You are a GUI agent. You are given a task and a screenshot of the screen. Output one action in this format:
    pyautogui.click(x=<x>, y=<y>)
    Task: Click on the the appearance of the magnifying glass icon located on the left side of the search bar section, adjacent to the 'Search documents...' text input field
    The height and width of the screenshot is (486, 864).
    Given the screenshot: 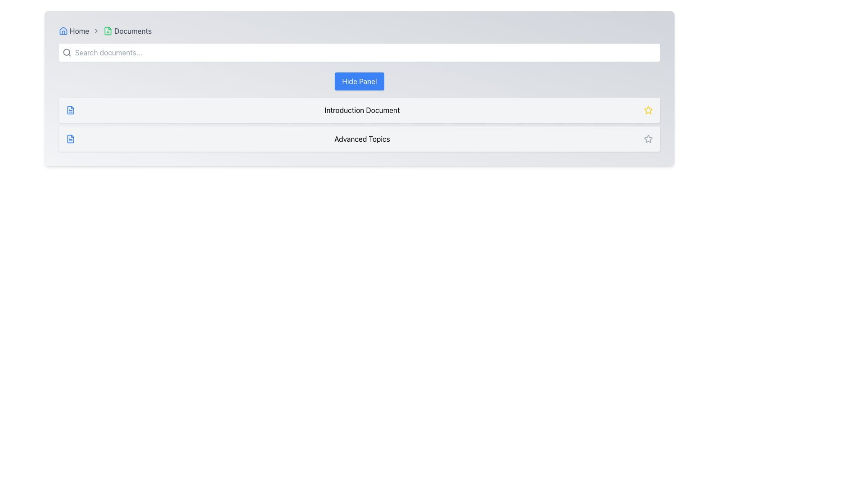 What is the action you would take?
    pyautogui.click(x=66, y=52)
    